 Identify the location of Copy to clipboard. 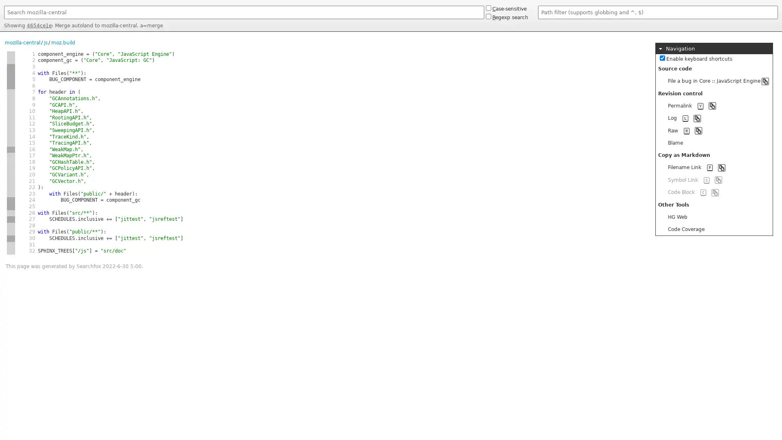
(764, 81).